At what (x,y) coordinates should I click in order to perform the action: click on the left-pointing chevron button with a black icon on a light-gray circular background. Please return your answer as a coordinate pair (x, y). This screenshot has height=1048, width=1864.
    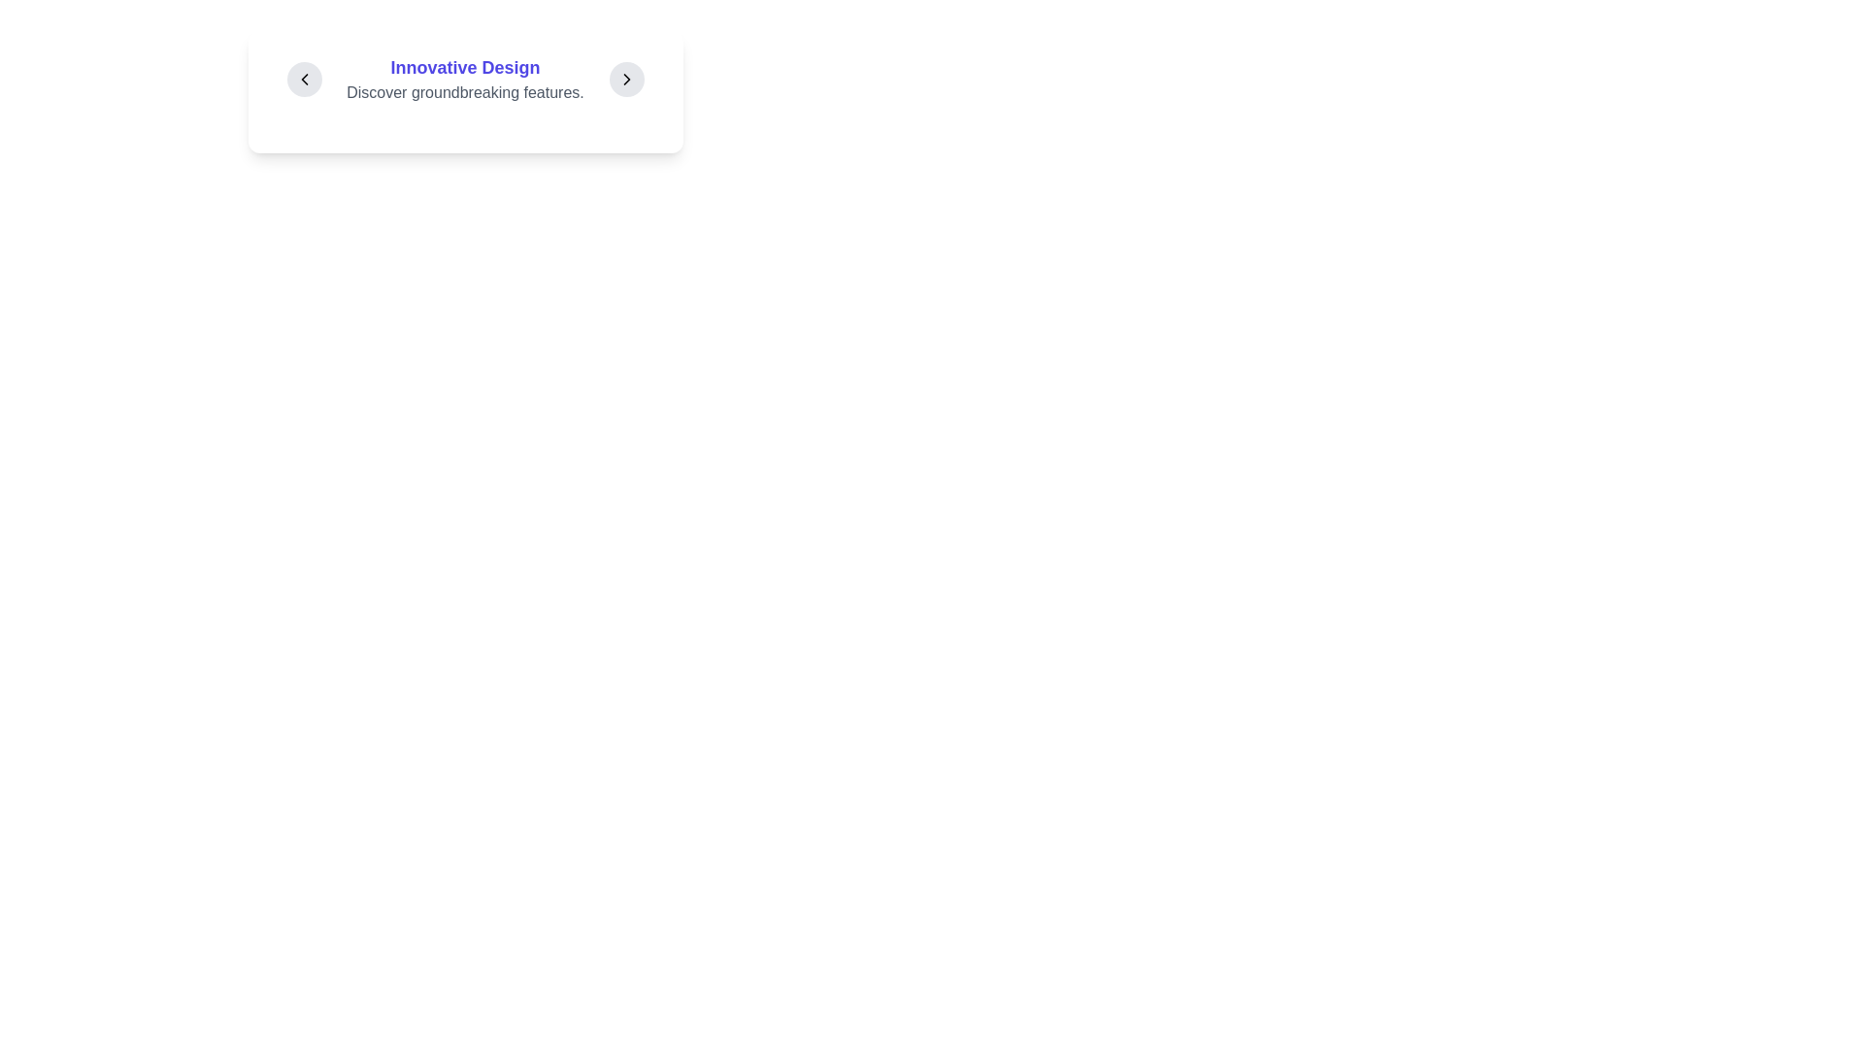
    Looking at the image, I should click on (303, 78).